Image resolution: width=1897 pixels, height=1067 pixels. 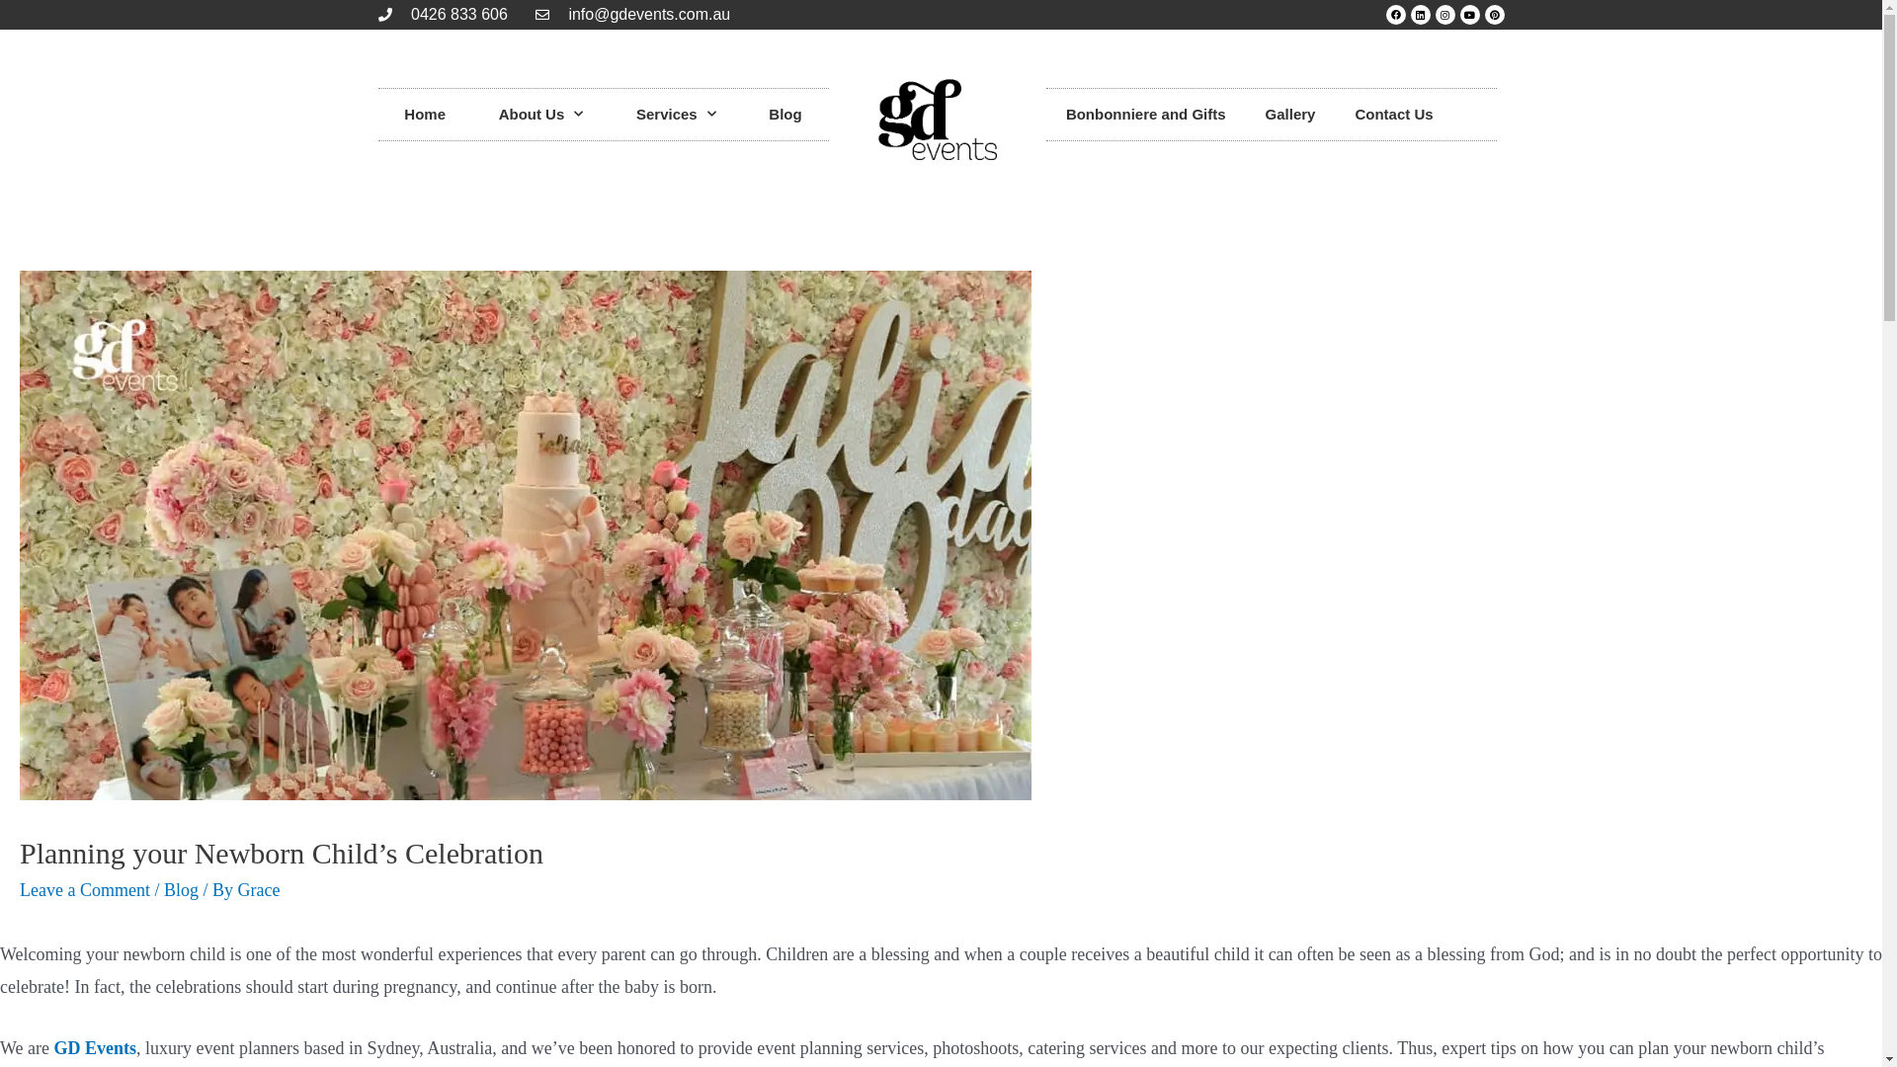 What do you see at coordinates (1290, 114) in the screenshot?
I see `'Gallery'` at bounding box center [1290, 114].